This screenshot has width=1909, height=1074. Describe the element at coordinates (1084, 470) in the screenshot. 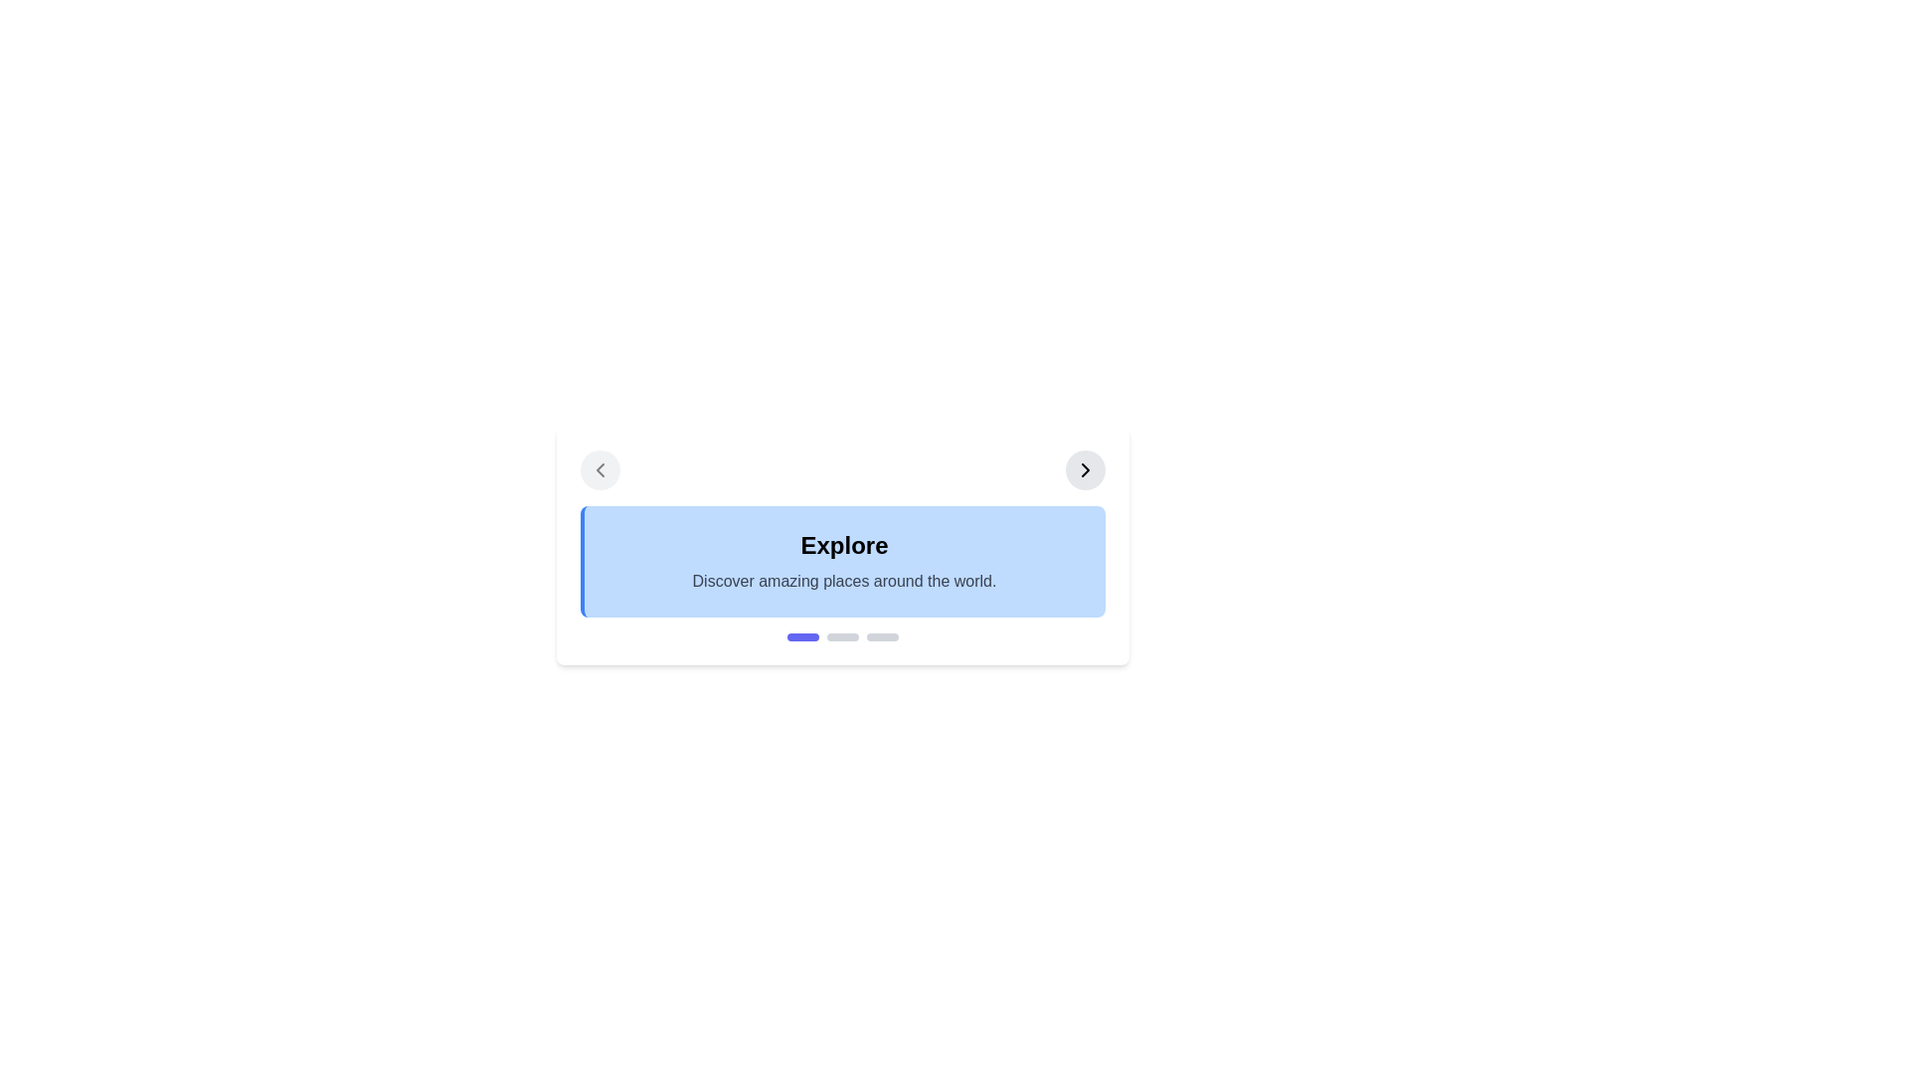

I see `the 'Next' button to proceed to the next step` at that location.